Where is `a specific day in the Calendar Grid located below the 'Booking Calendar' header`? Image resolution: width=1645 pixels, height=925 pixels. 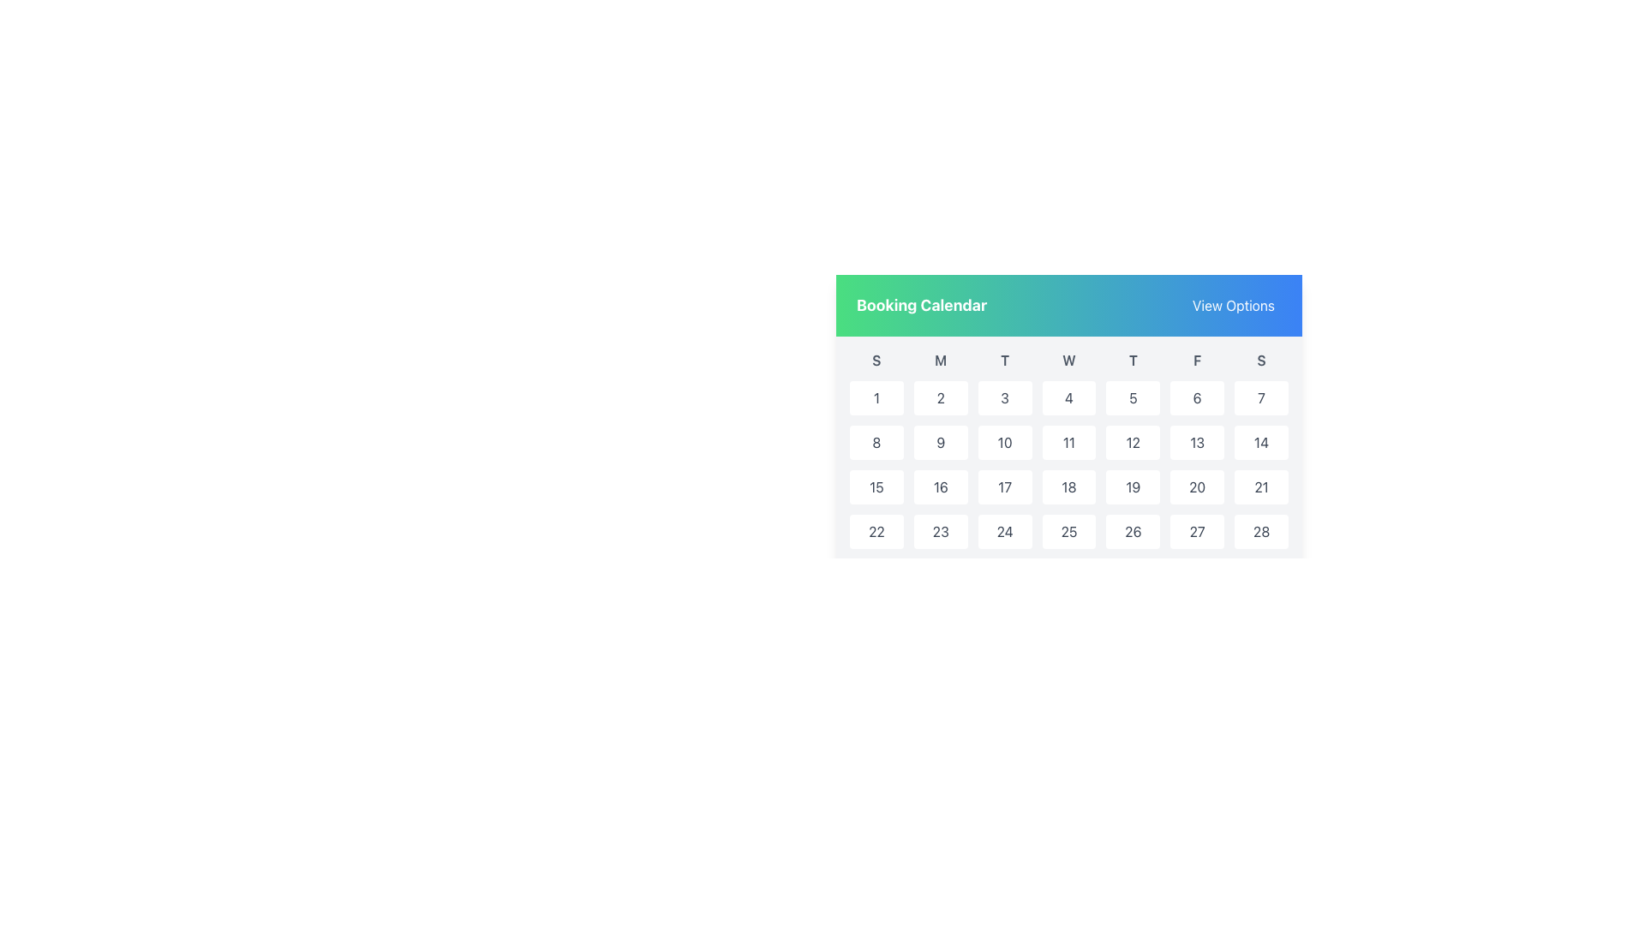 a specific day in the Calendar Grid located below the 'Booking Calendar' header is located at coordinates (1068, 494).